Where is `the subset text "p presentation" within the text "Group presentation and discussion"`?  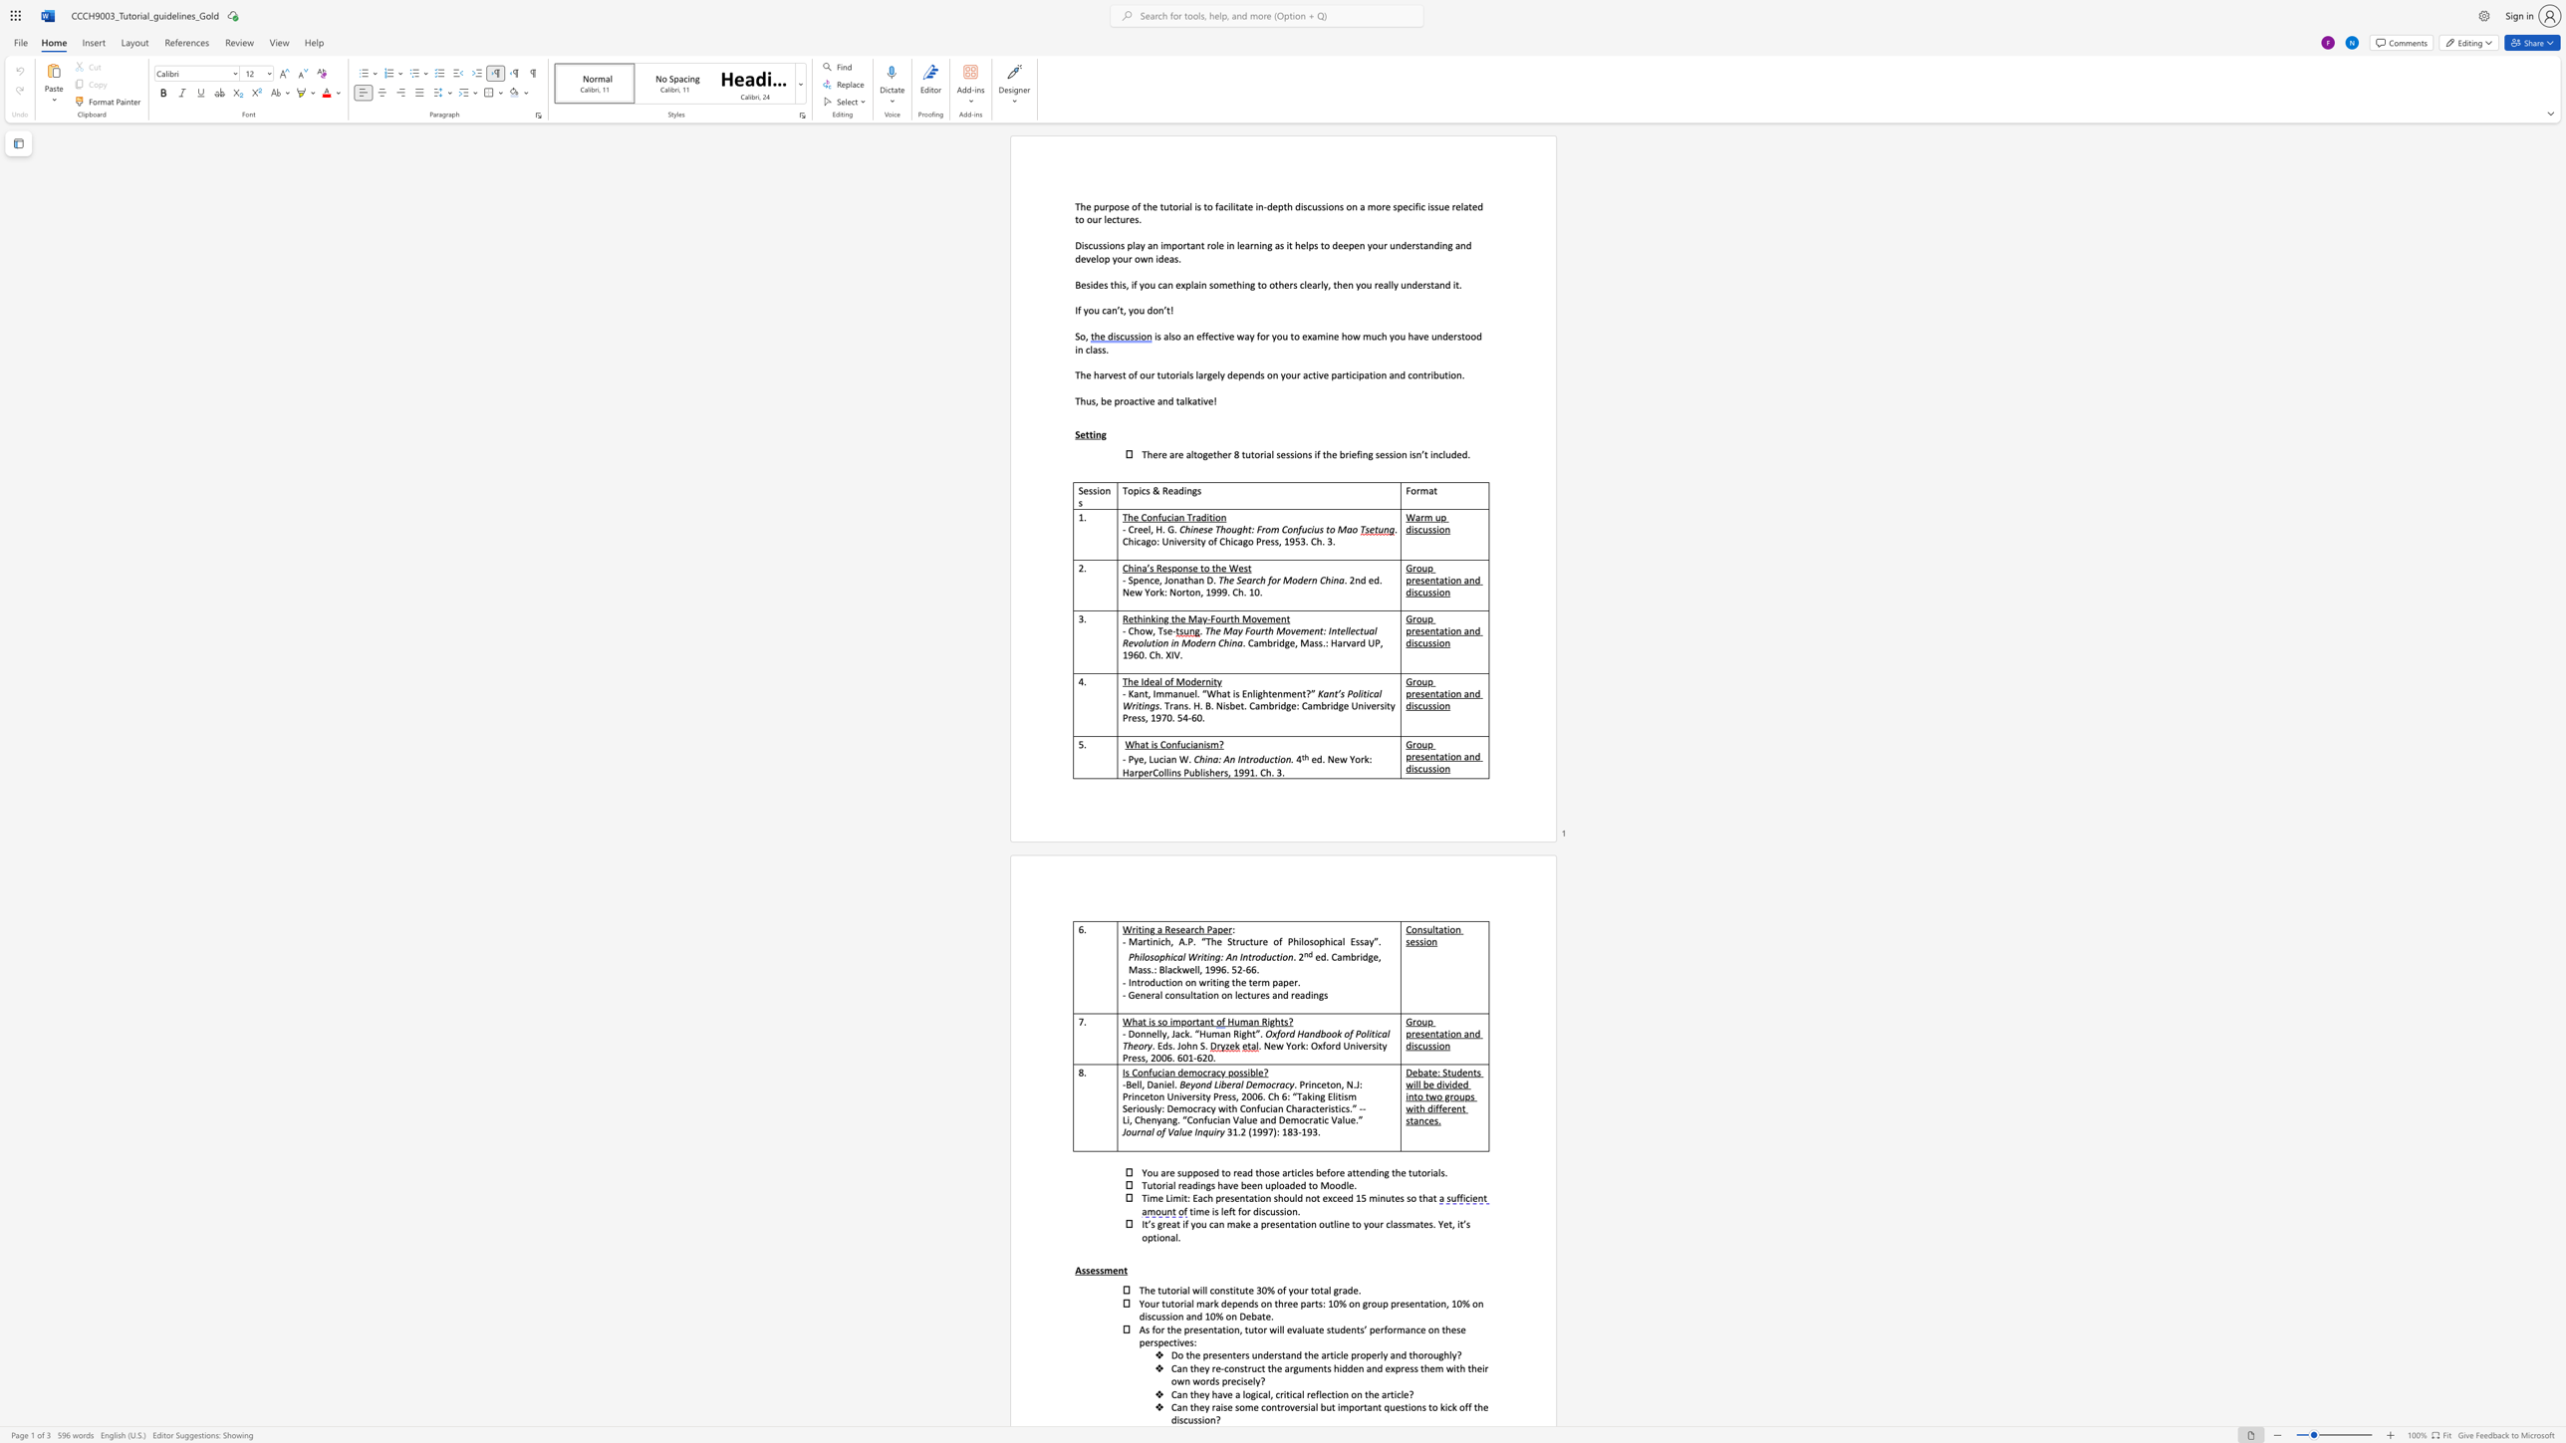 the subset text "p presentation" within the text "Group presentation and discussion" is located at coordinates (1426, 618).